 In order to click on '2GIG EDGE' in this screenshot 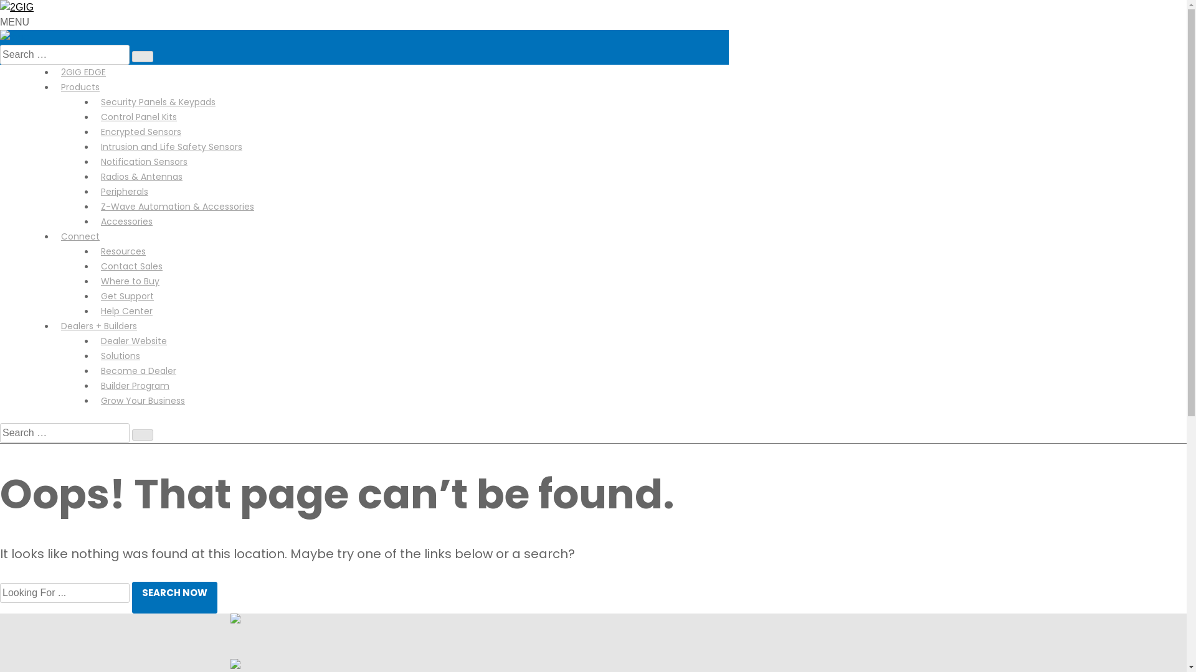, I will do `click(83, 72)`.